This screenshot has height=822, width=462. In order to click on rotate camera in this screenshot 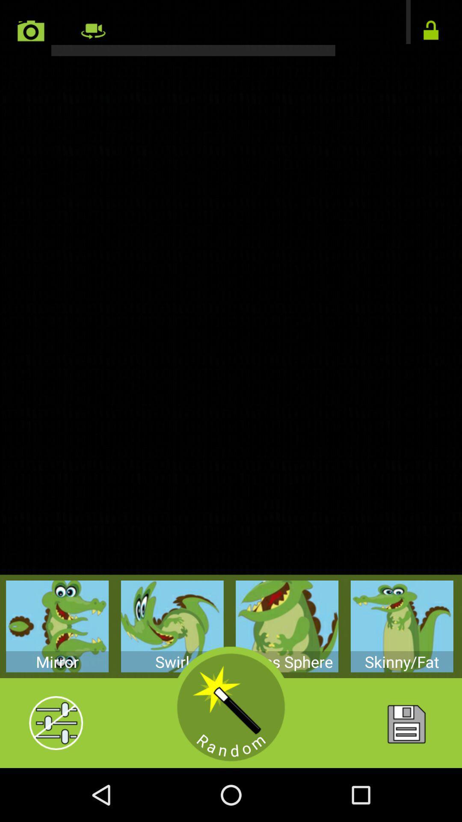, I will do `click(231, 28)`.